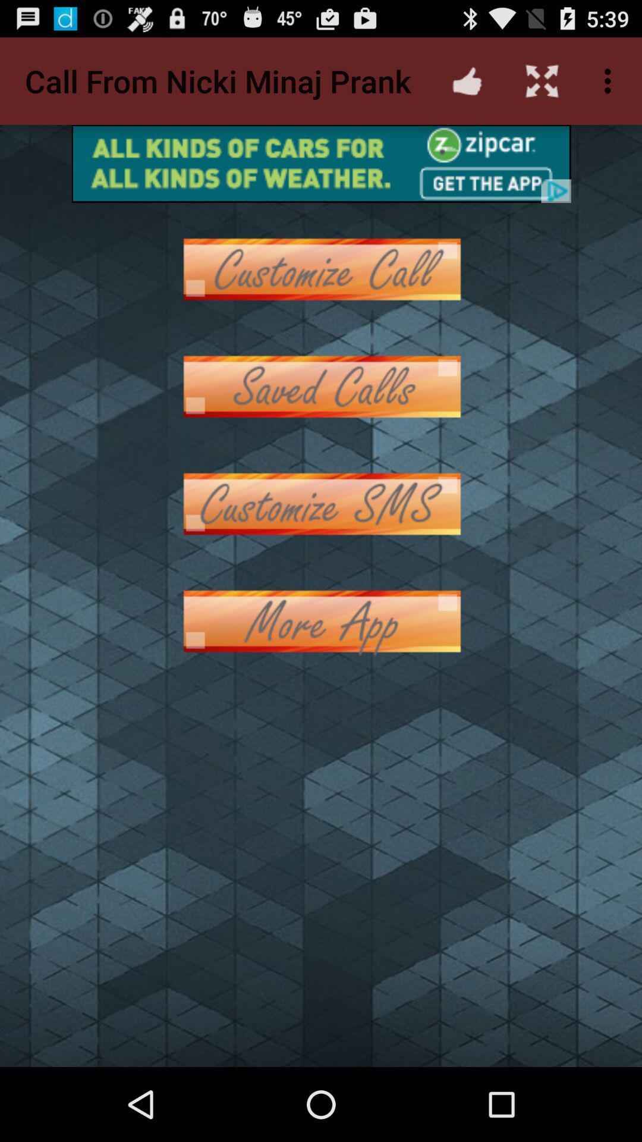 The image size is (642, 1142). Describe the element at coordinates (321, 620) in the screenshot. I see `more options` at that location.